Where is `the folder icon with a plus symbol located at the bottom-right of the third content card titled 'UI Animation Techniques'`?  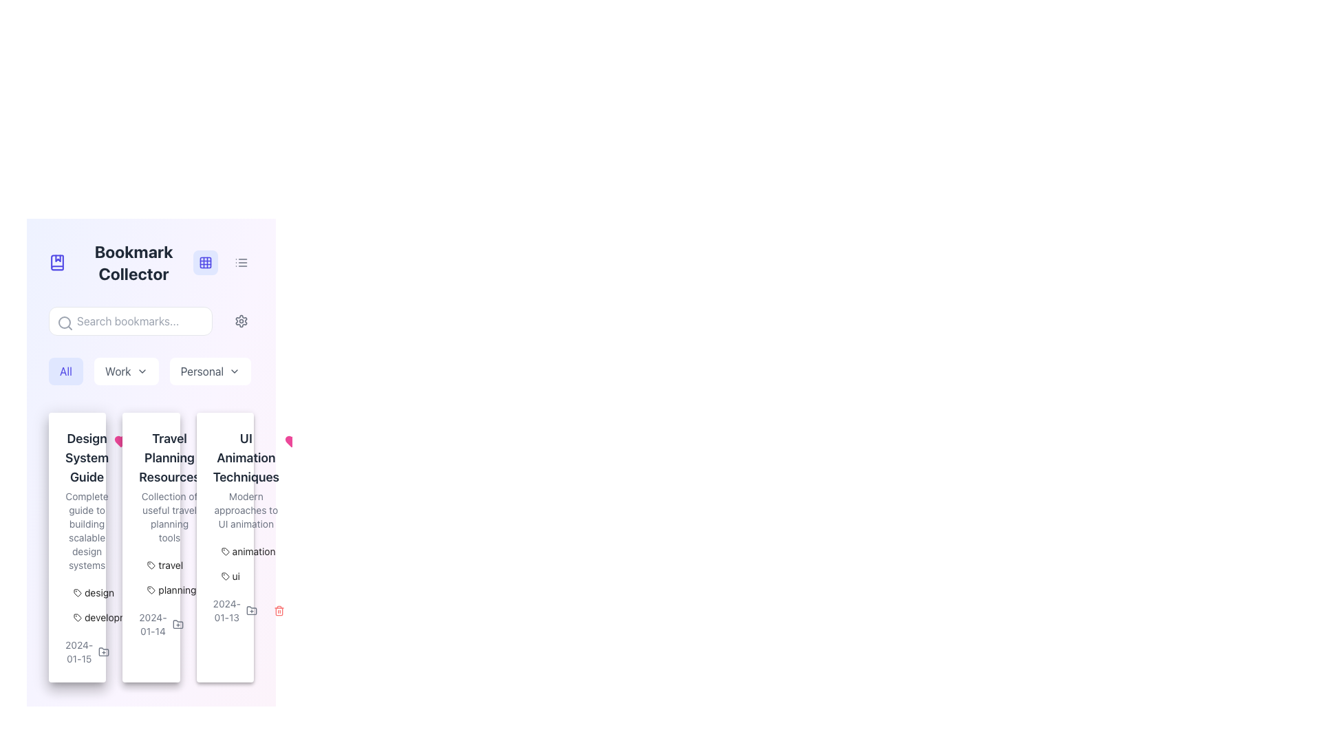 the folder icon with a plus symbol located at the bottom-right of the third content card titled 'UI Animation Techniques' is located at coordinates (251, 610).